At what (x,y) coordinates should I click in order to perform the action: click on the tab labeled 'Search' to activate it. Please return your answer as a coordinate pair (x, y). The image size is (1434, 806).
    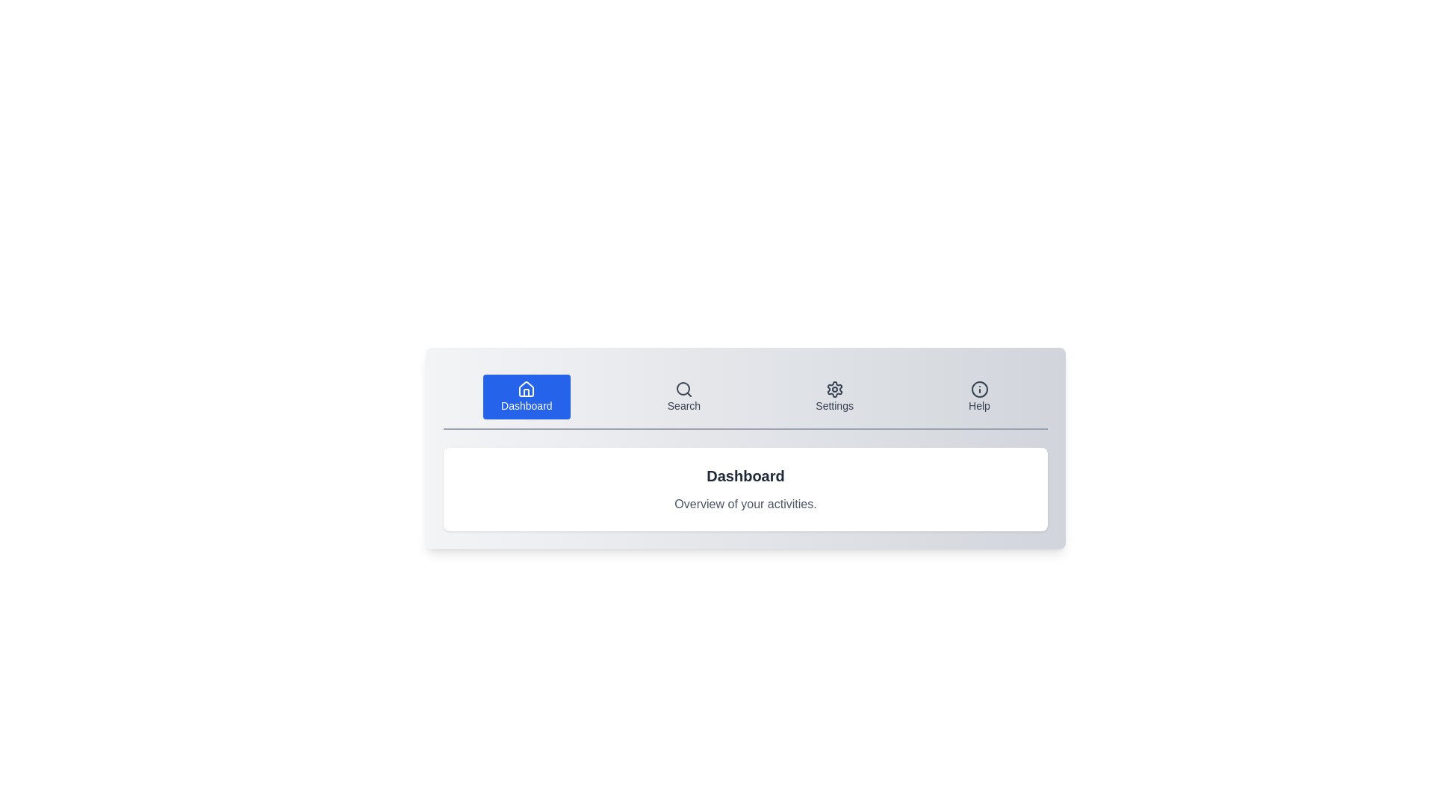
    Looking at the image, I should click on (683, 396).